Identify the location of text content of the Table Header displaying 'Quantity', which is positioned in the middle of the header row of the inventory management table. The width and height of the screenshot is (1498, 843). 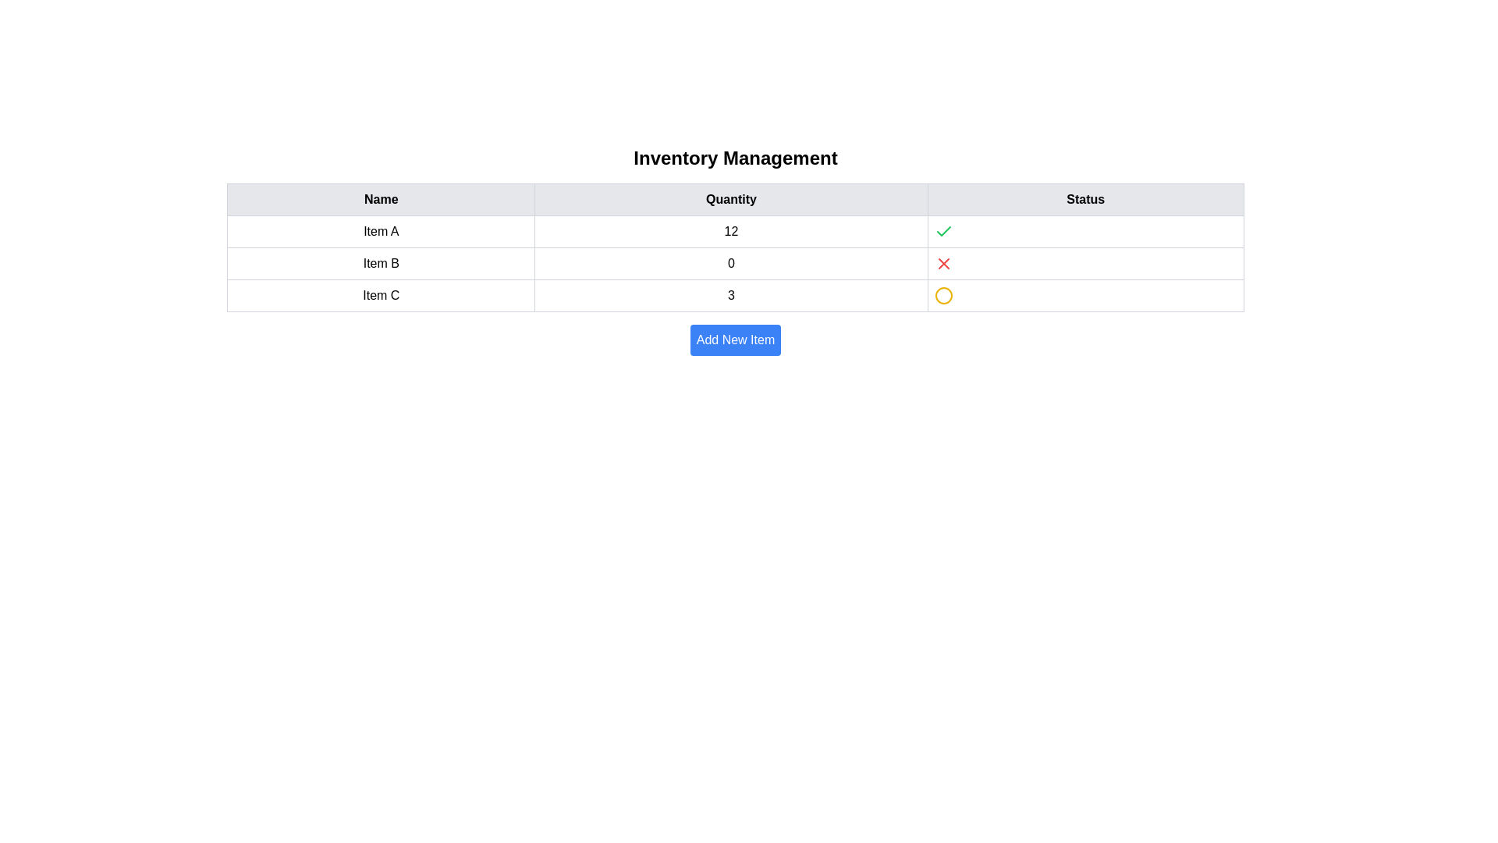
(730, 198).